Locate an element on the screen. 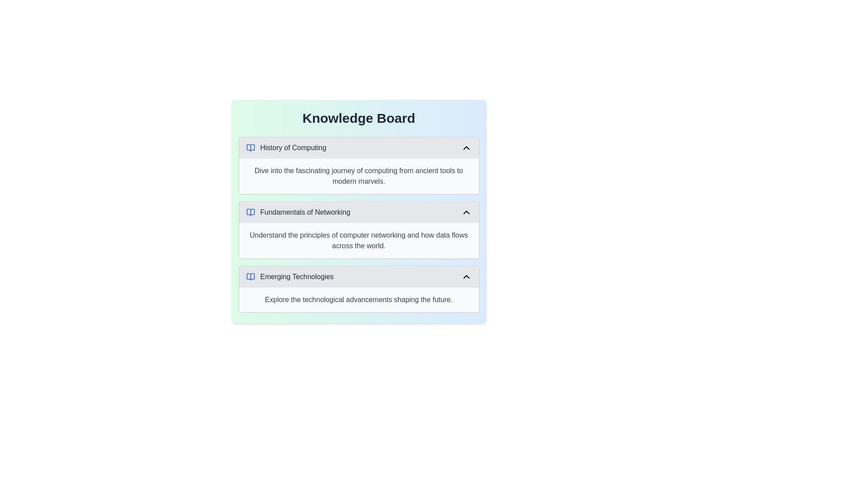 Image resolution: width=849 pixels, height=477 pixels. the decorative icon associated with the 'History of Computing' text label, located in the first row of a vertically stacked list is located at coordinates (250, 148).